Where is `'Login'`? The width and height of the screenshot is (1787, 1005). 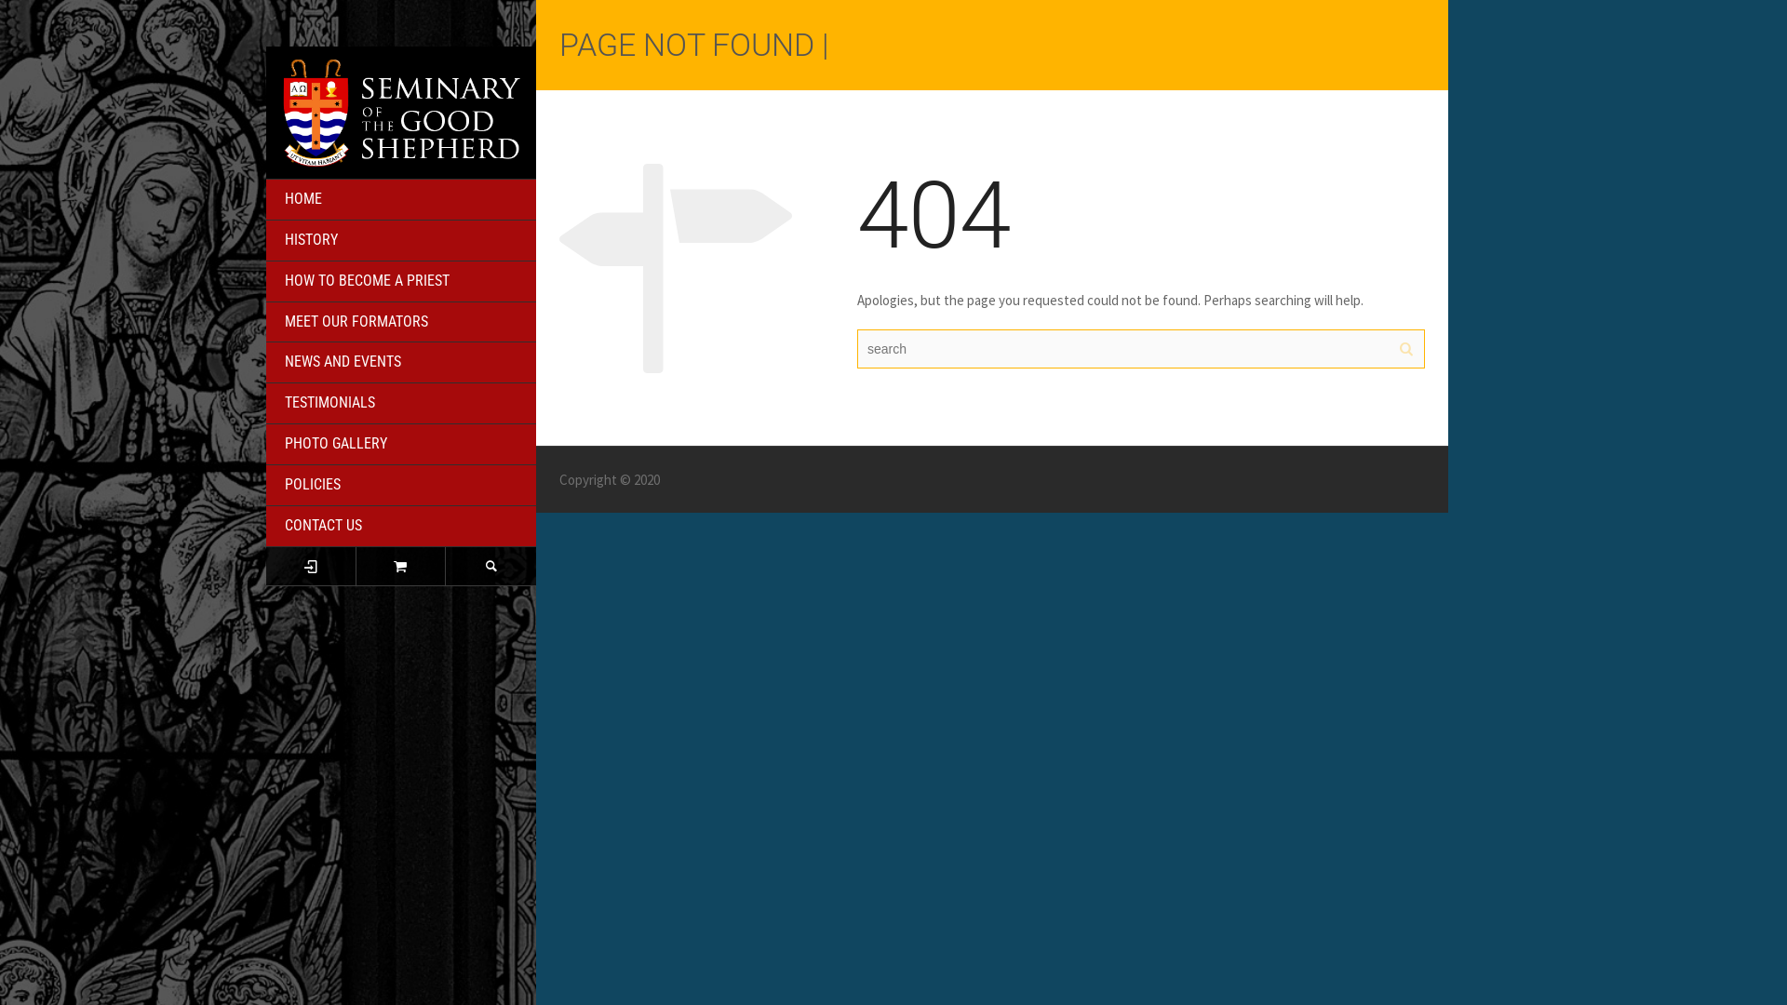 'Login' is located at coordinates (311, 565).